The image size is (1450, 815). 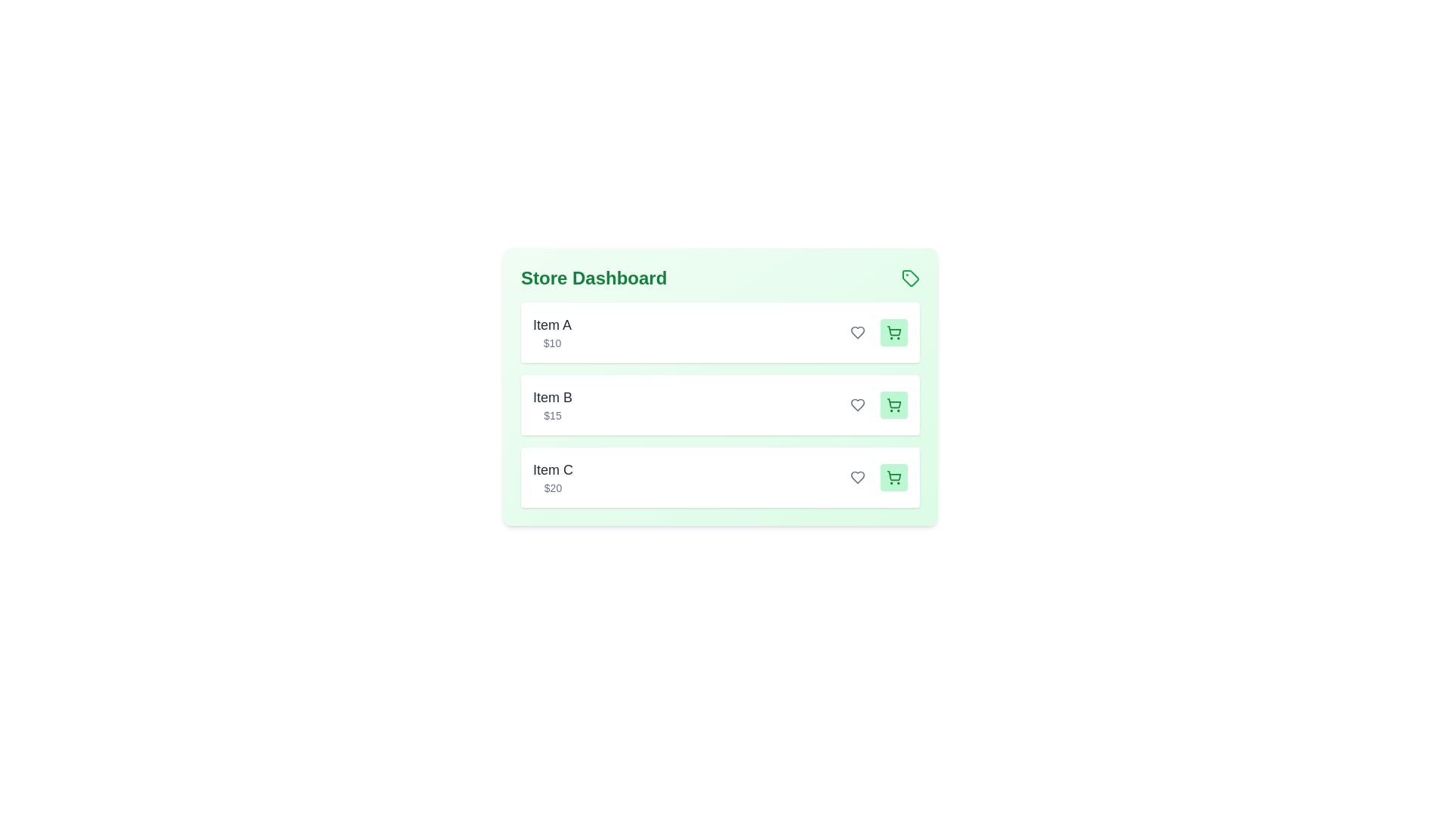 What do you see at coordinates (552, 416) in the screenshot?
I see `the price display of 'Item B' located below its label in the Store Dashboard` at bounding box center [552, 416].